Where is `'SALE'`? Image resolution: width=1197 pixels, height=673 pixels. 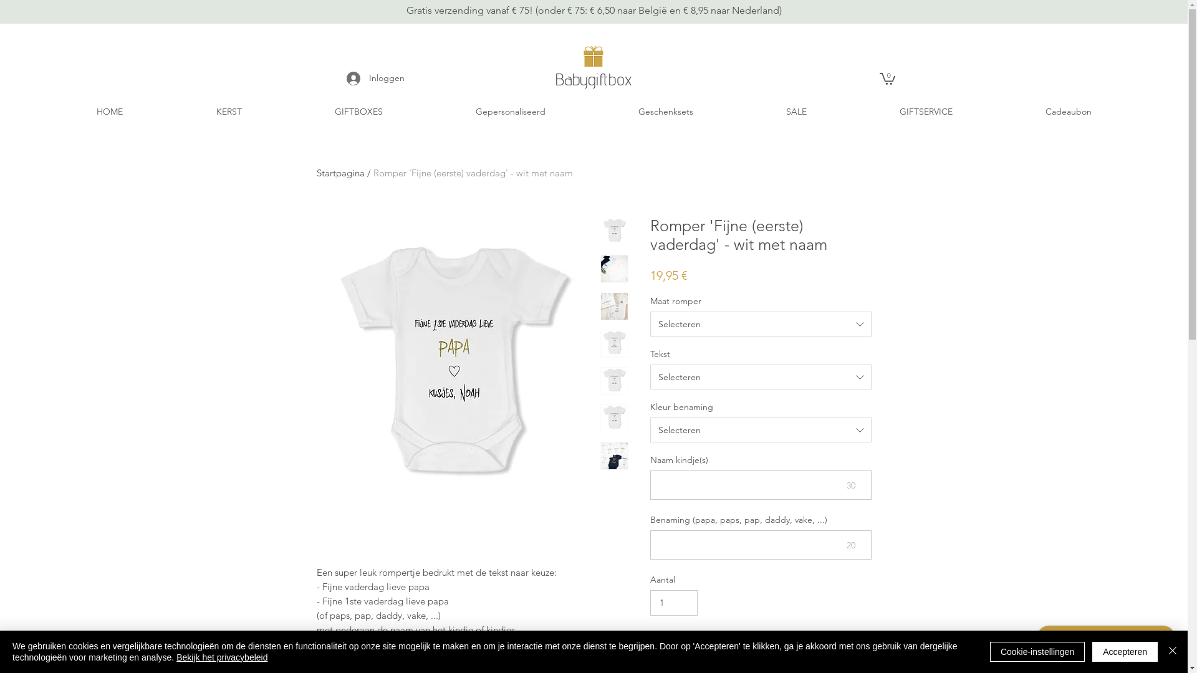
'SALE' is located at coordinates (739, 111).